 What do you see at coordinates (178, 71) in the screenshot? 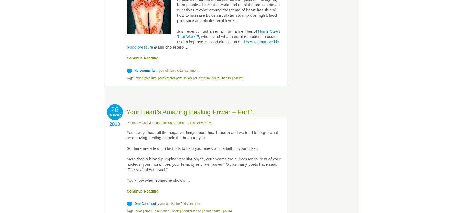
I see `'you will be the 1st comment'` at bounding box center [178, 71].